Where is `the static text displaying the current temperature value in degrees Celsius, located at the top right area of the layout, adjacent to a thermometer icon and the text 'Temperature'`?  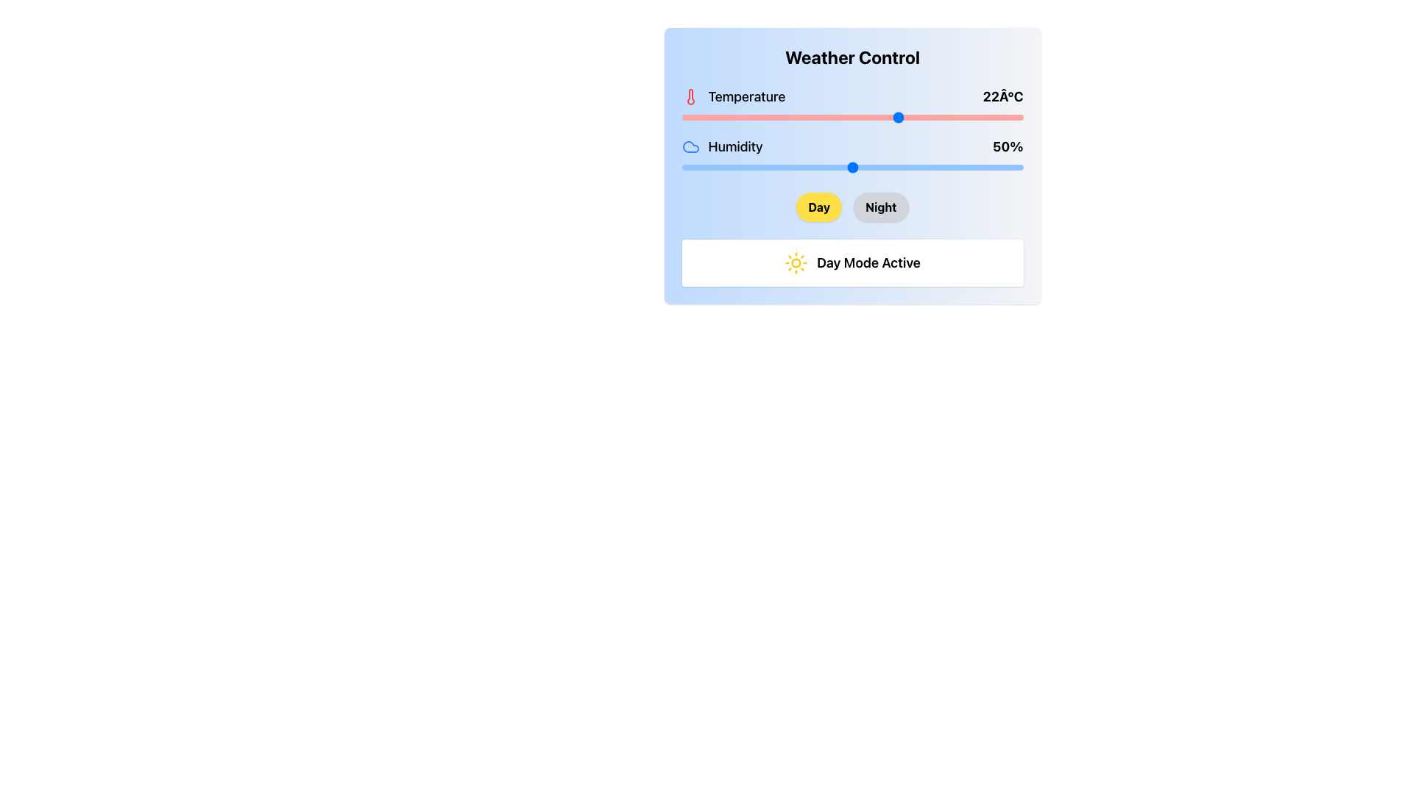
the static text displaying the current temperature value in degrees Celsius, located at the top right area of the layout, adjacent to a thermometer icon and the text 'Temperature' is located at coordinates (1002, 96).